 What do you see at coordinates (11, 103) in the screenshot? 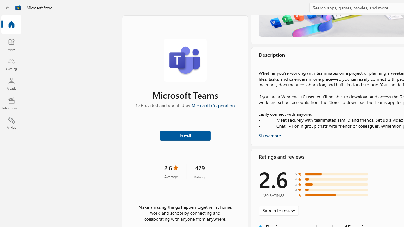
I see `'Entertainment'` at bounding box center [11, 103].